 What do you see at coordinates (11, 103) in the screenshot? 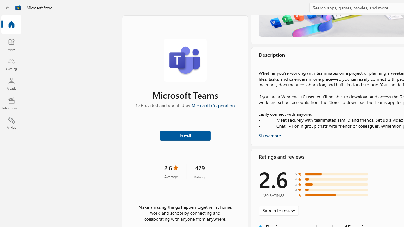
I see `'Entertainment'` at bounding box center [11, 103].